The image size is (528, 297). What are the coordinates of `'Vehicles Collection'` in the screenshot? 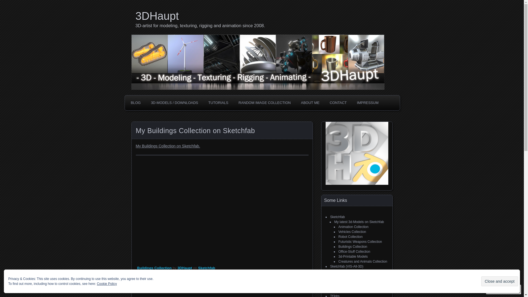 It's located at (352, 232).